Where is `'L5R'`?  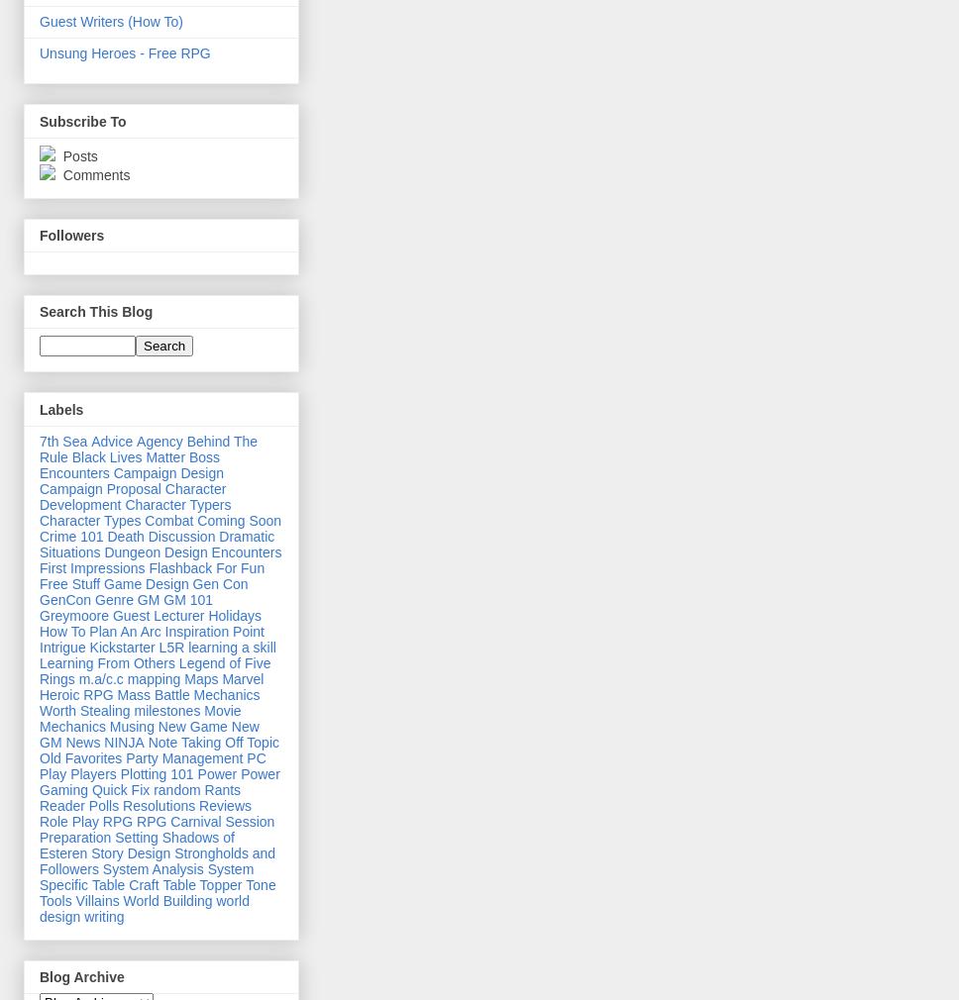
'L5R' is located at coordinates (170, 645).